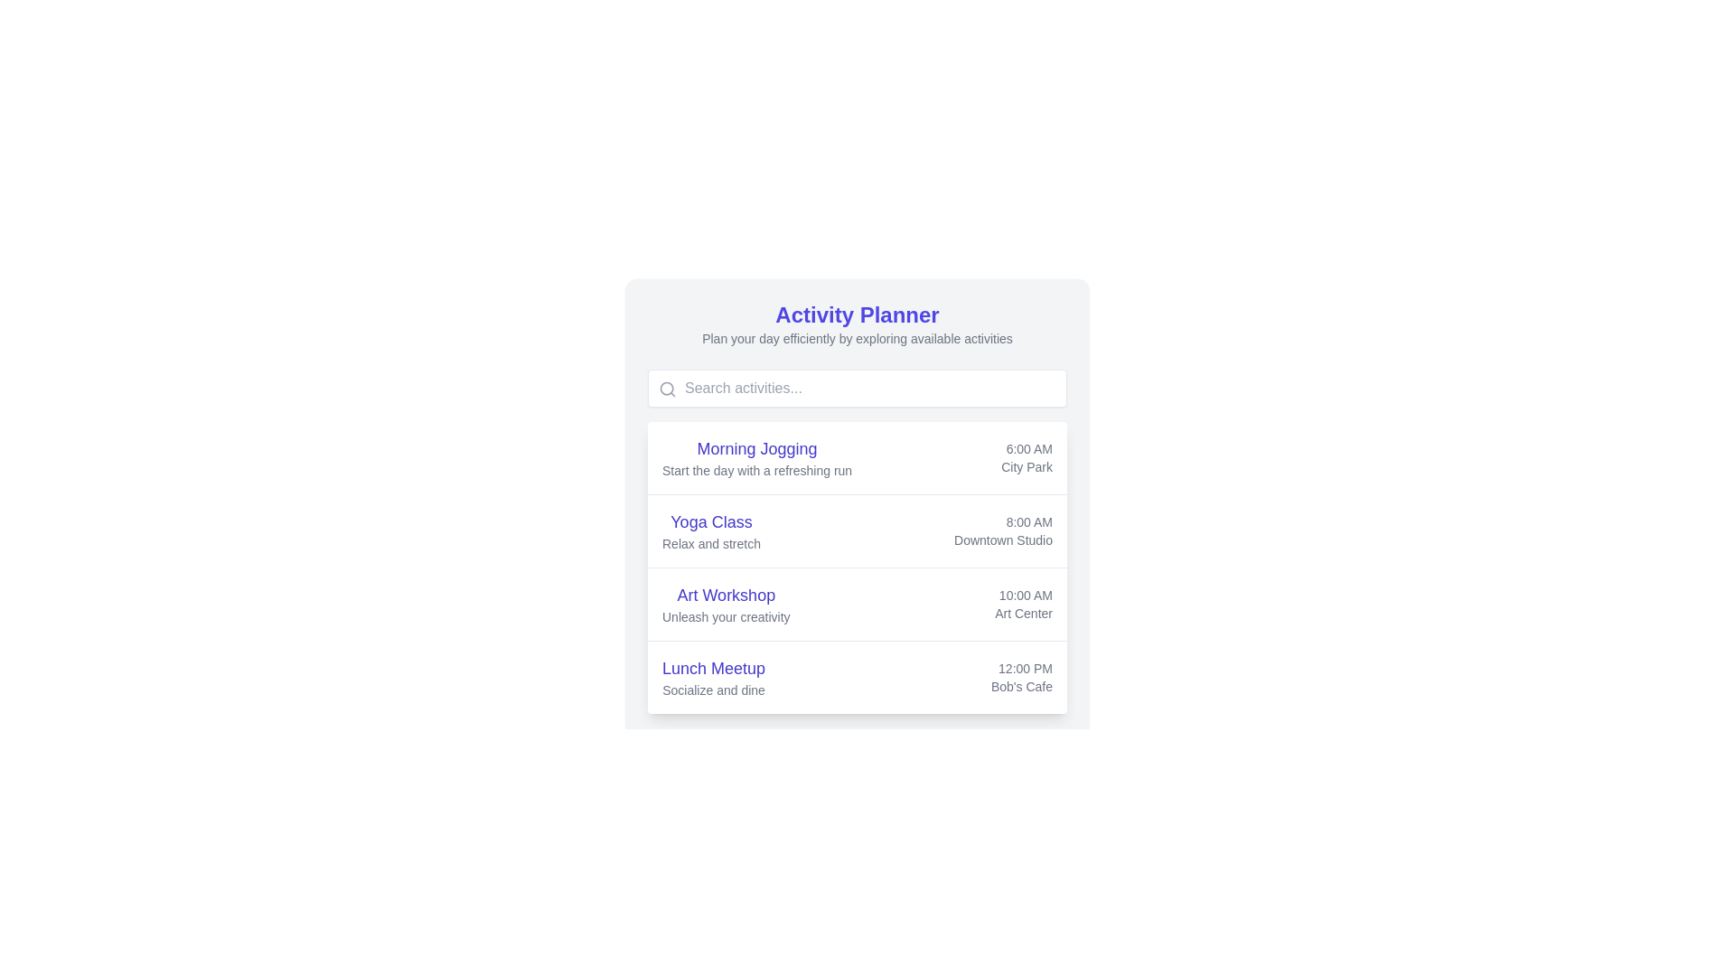  What do you see at coordinates (857, 530) in the screenshot?
I see `the second list item in the 'Activity Planner' section that provides information about a scheduled yoga class, including its name, description, time, and location` at bounding box center [857, 530].